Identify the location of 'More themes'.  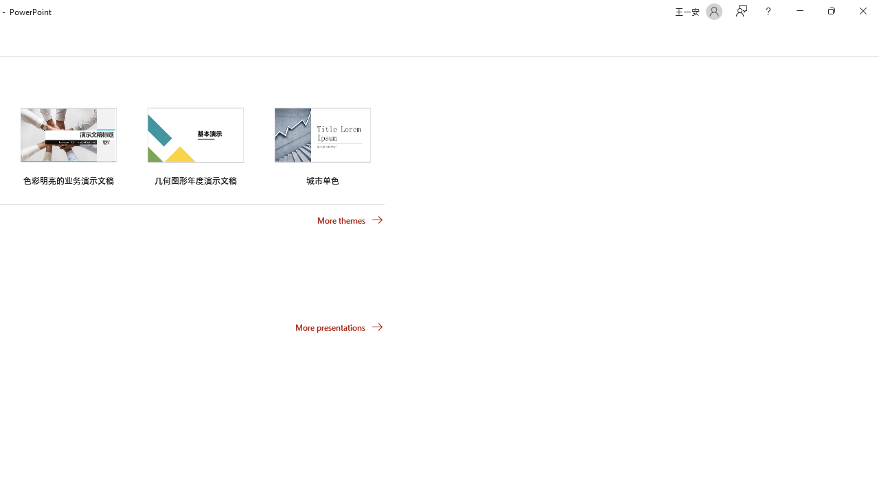
(350, 220).